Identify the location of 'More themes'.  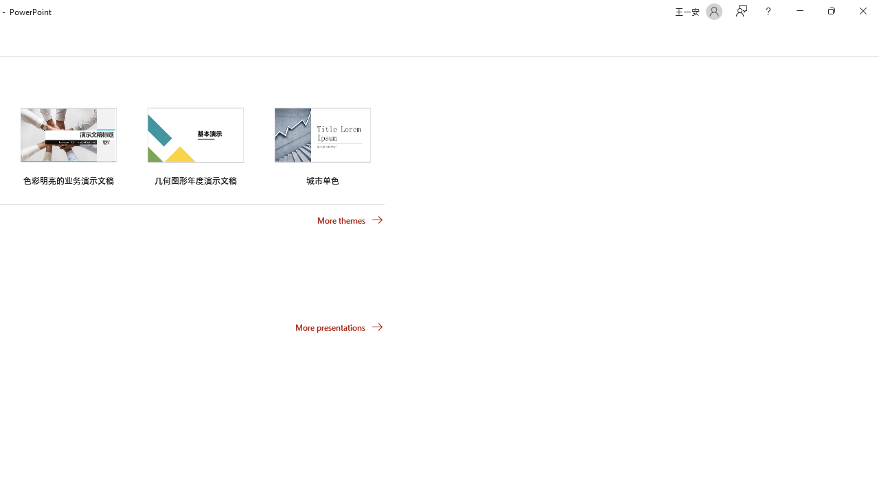
(350, 220).